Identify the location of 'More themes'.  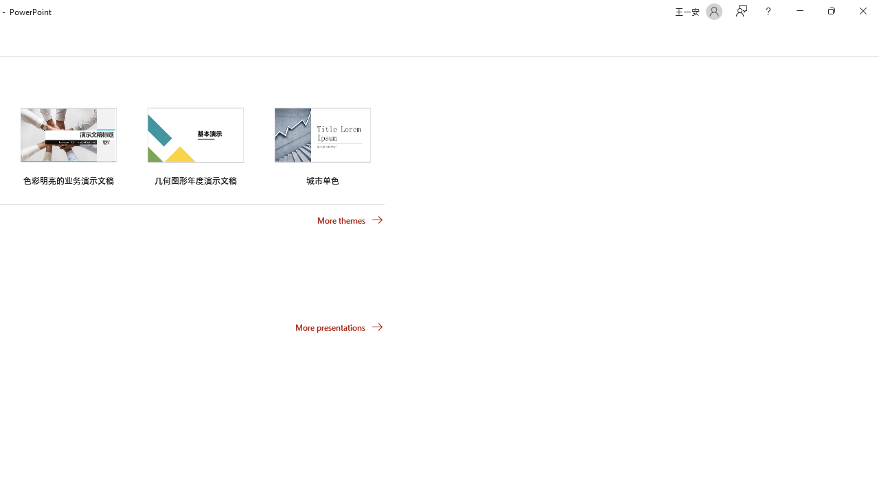
(350, 220).